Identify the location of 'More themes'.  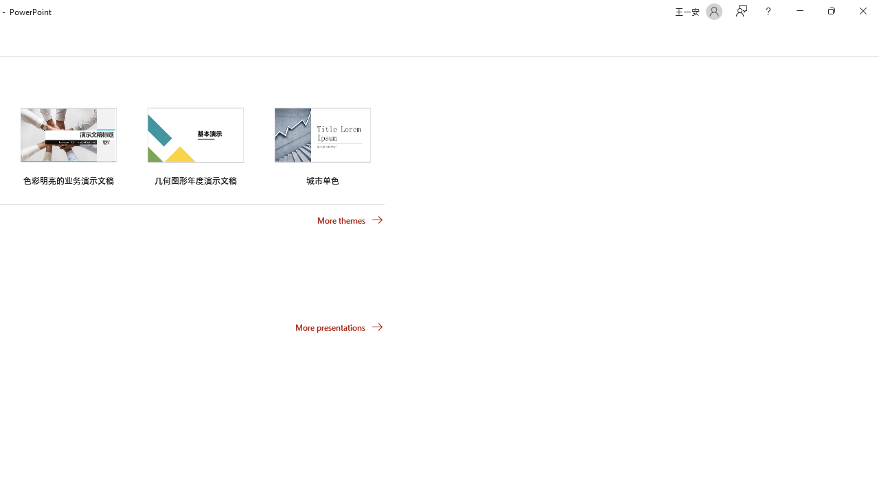
(350, 220).